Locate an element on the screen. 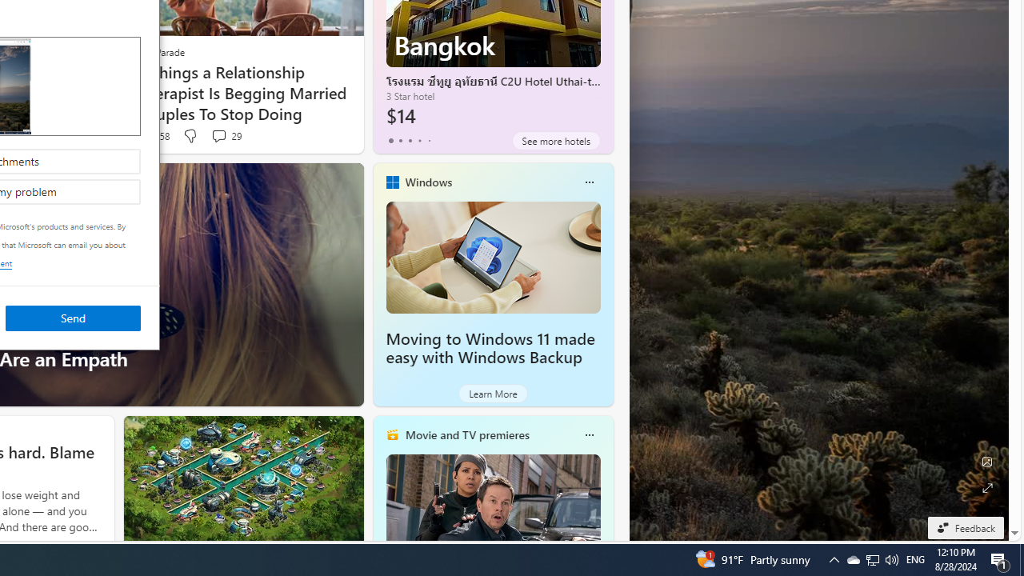 Image resolution: width=1024 pixels, height=576 pixels. 'Tray Input Indicator - English (United States)' is located at coordinates (915, 558).